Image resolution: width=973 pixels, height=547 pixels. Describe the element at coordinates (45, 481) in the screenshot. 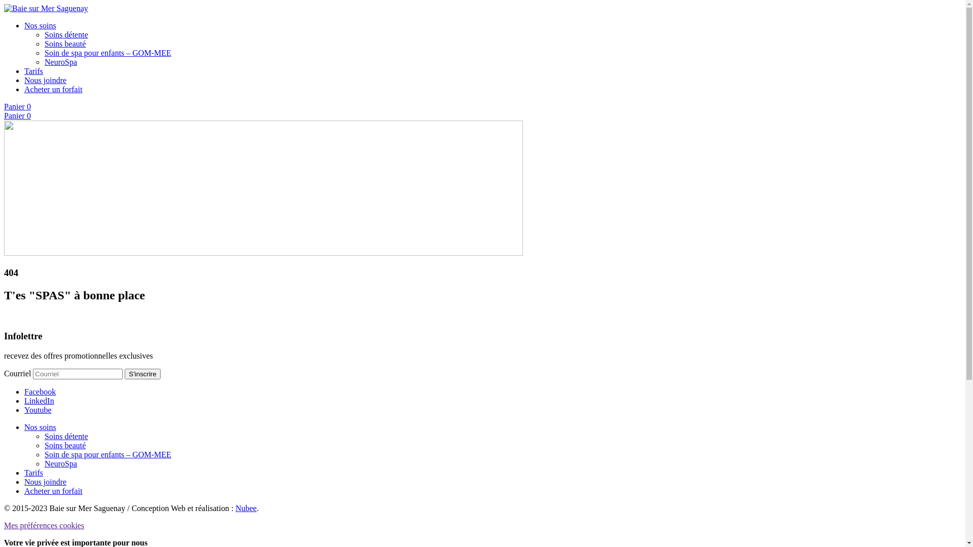

I see `'Nous joindre'` at that location.